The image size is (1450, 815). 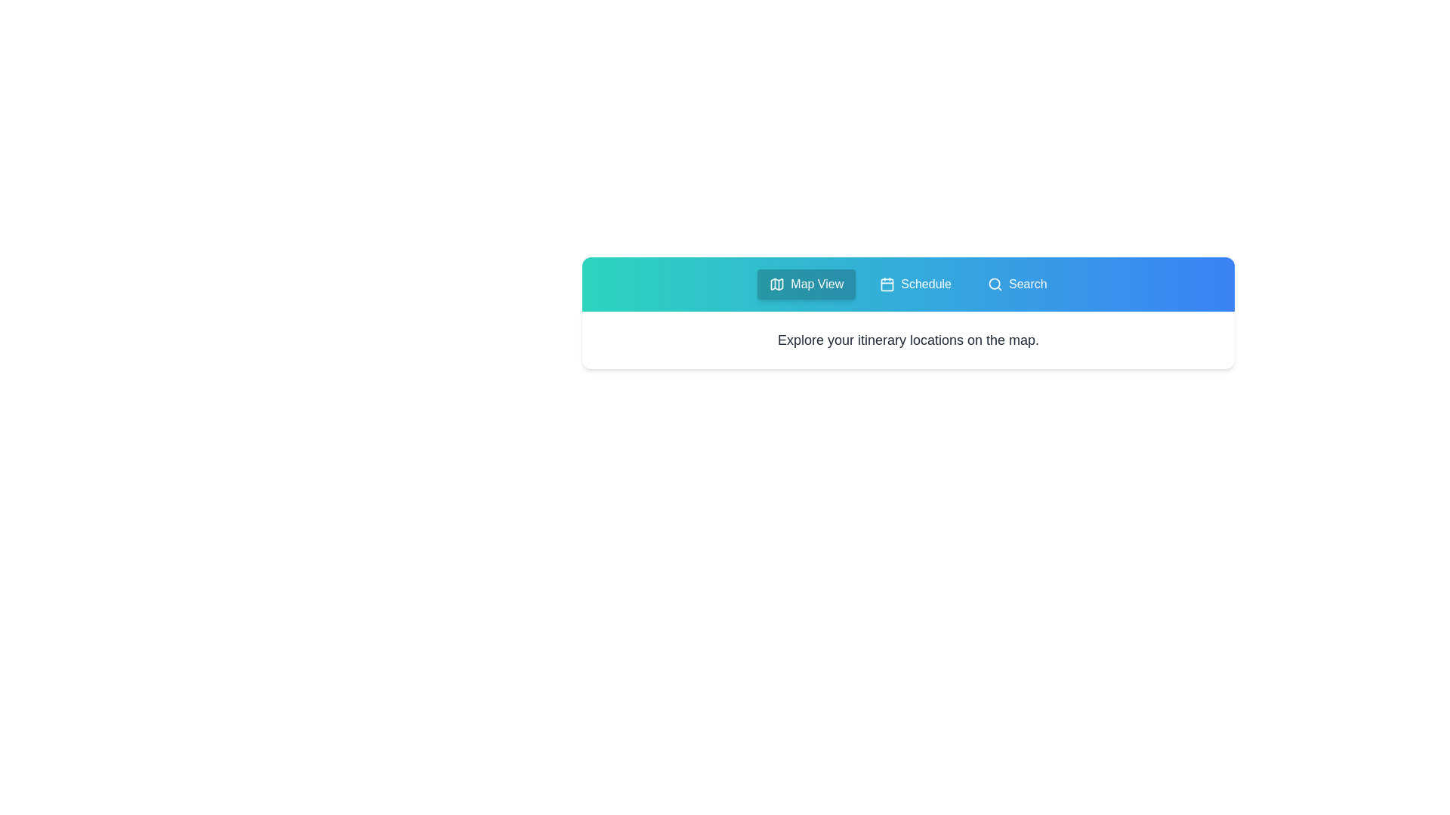 I want to click on the 'Map View' button, the first button from the left in a horizontal row, so click(x=806, y=284).